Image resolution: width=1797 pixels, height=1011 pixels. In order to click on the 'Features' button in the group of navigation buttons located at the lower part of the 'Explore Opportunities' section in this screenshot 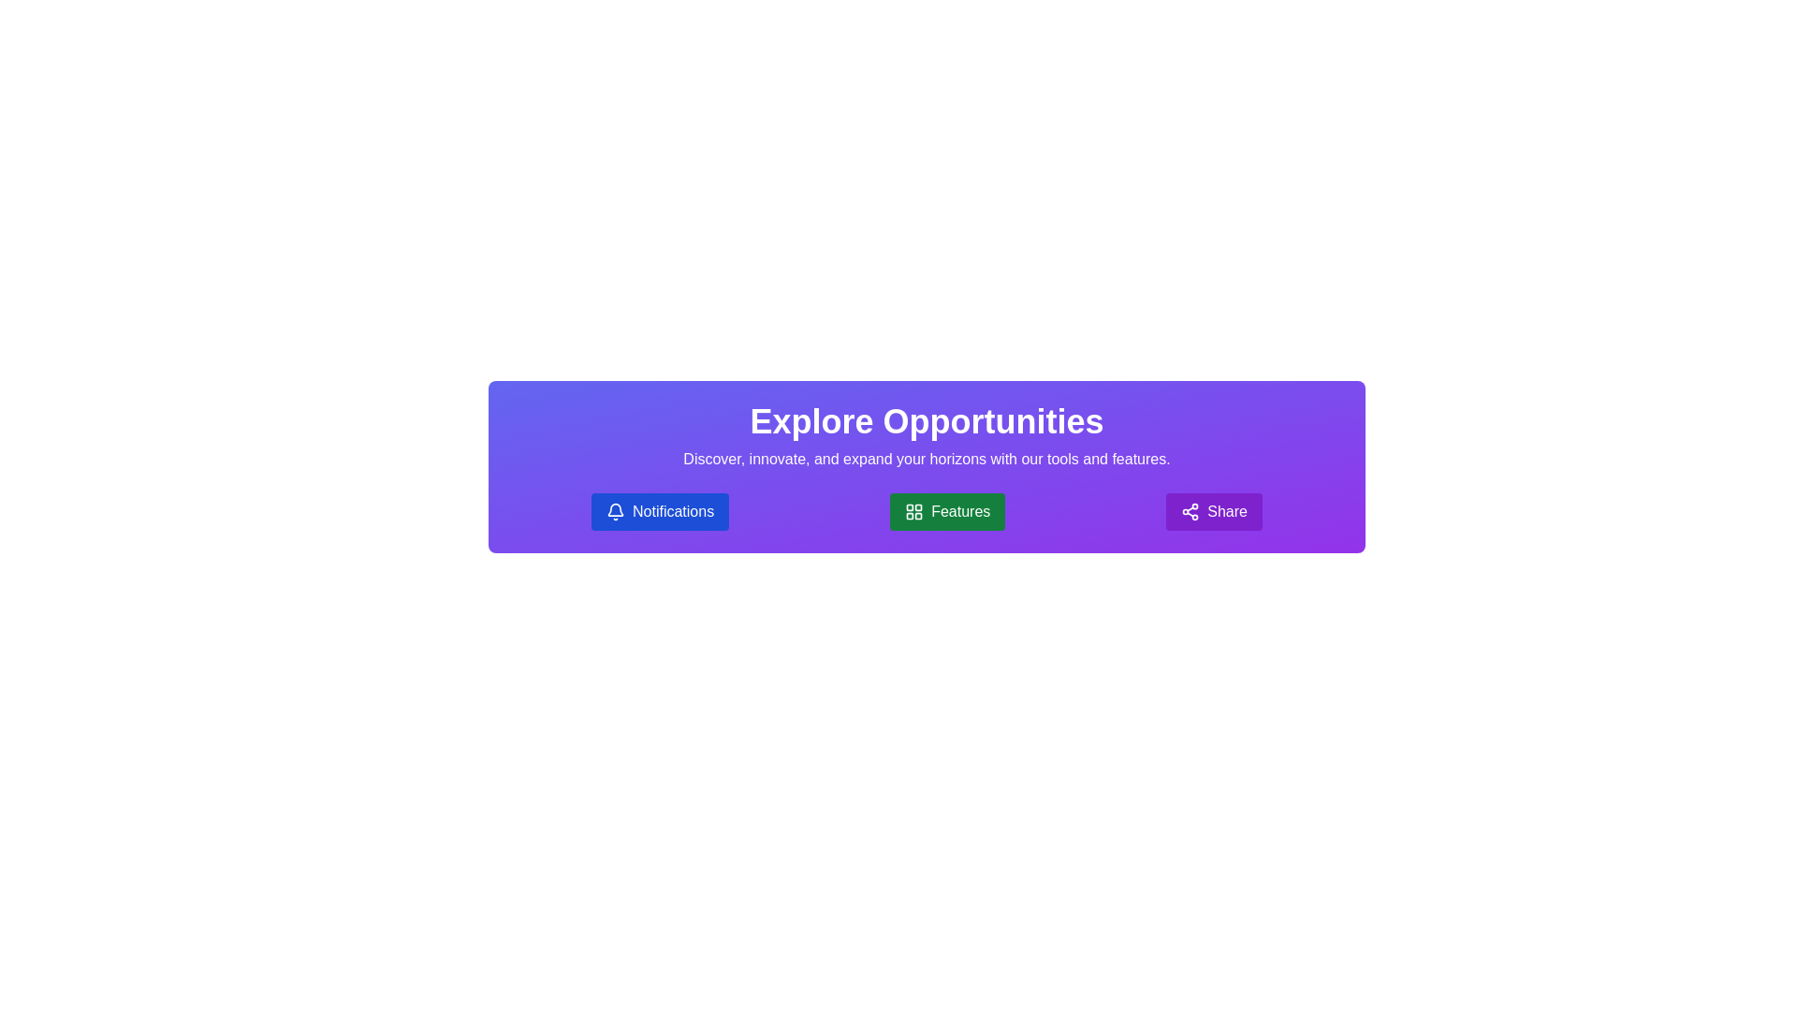, I will do `click(927, 512)`.